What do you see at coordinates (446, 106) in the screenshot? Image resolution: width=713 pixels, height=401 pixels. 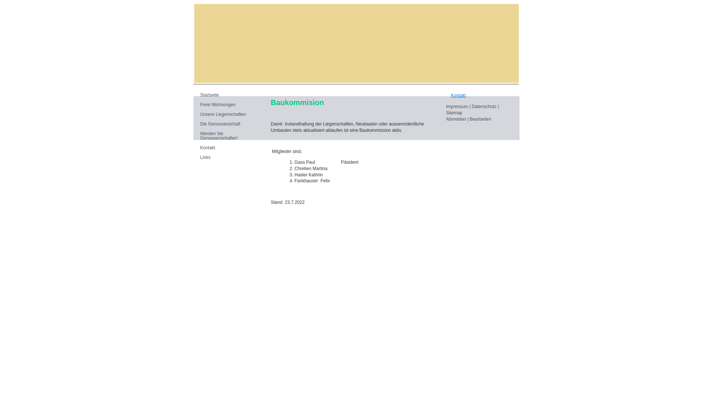 I see `'Impressum'` at bounding box center [446, 106].